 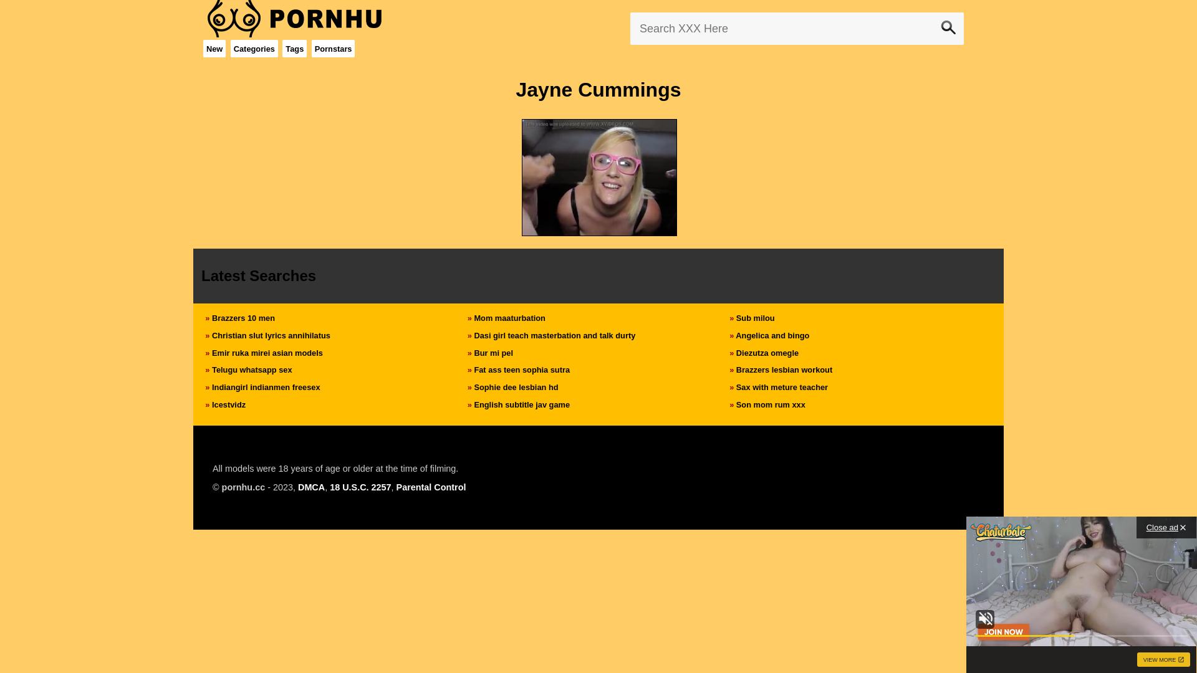 What do you see at coordinates (214, 48) in the screenshot?
I see `'New'` at bounding box center [214, 48].